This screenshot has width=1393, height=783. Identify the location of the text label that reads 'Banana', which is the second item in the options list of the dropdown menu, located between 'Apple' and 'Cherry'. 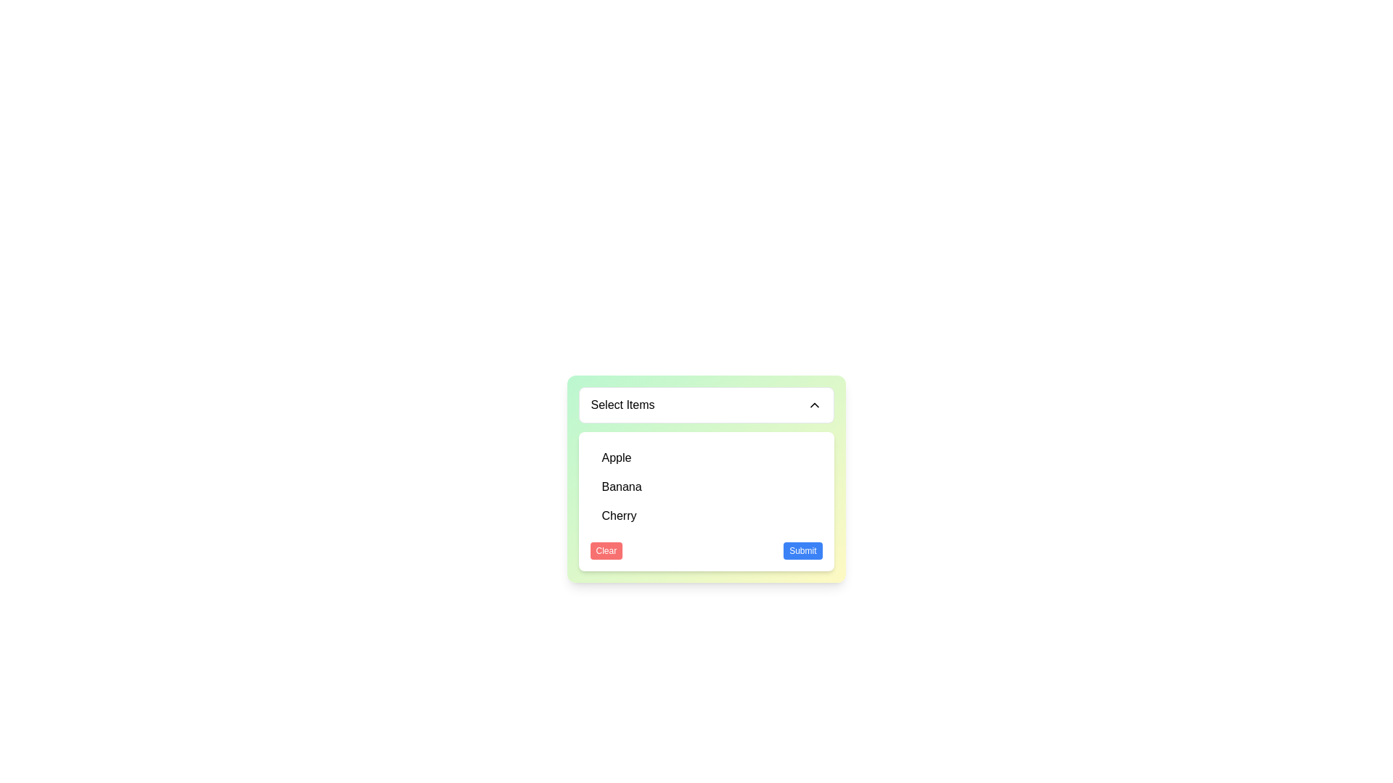
(622, 486).